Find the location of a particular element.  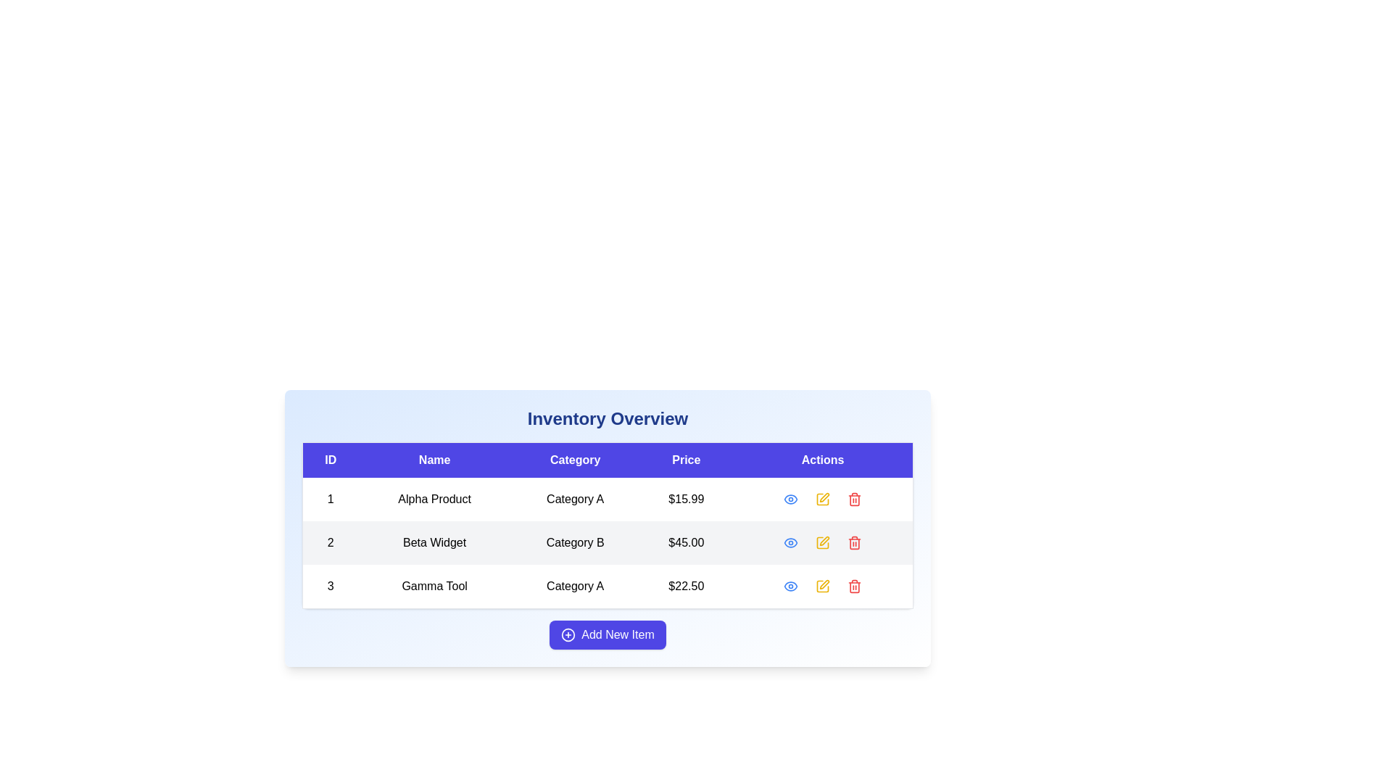

the static text label displaying the numeral '2' in a bold sans-serif typeface, located in the second row and first column of the table layout is located at coordinates (330, 542).